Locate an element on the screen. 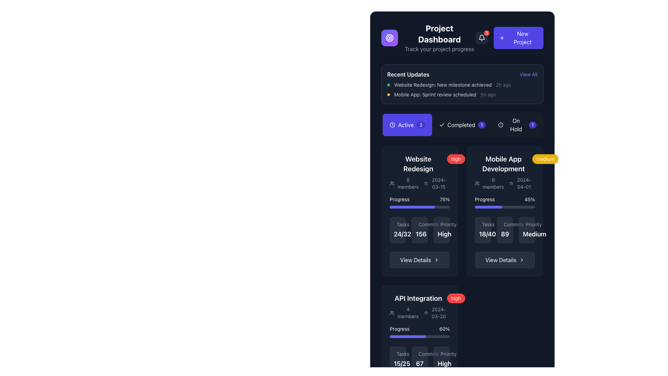 This screenshot has width=668, height=376. the 'Priority' label which displays the text in gray font, located in the 'API Integration' card, towards the bottom next to 'Tasks' and 'Commits' is located at coordinates (441, 354).